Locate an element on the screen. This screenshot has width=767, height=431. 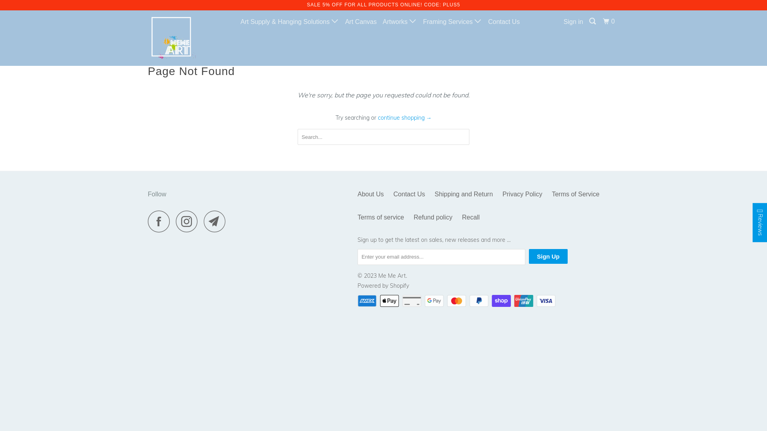
'Search' is located at coordinates (593, 21).